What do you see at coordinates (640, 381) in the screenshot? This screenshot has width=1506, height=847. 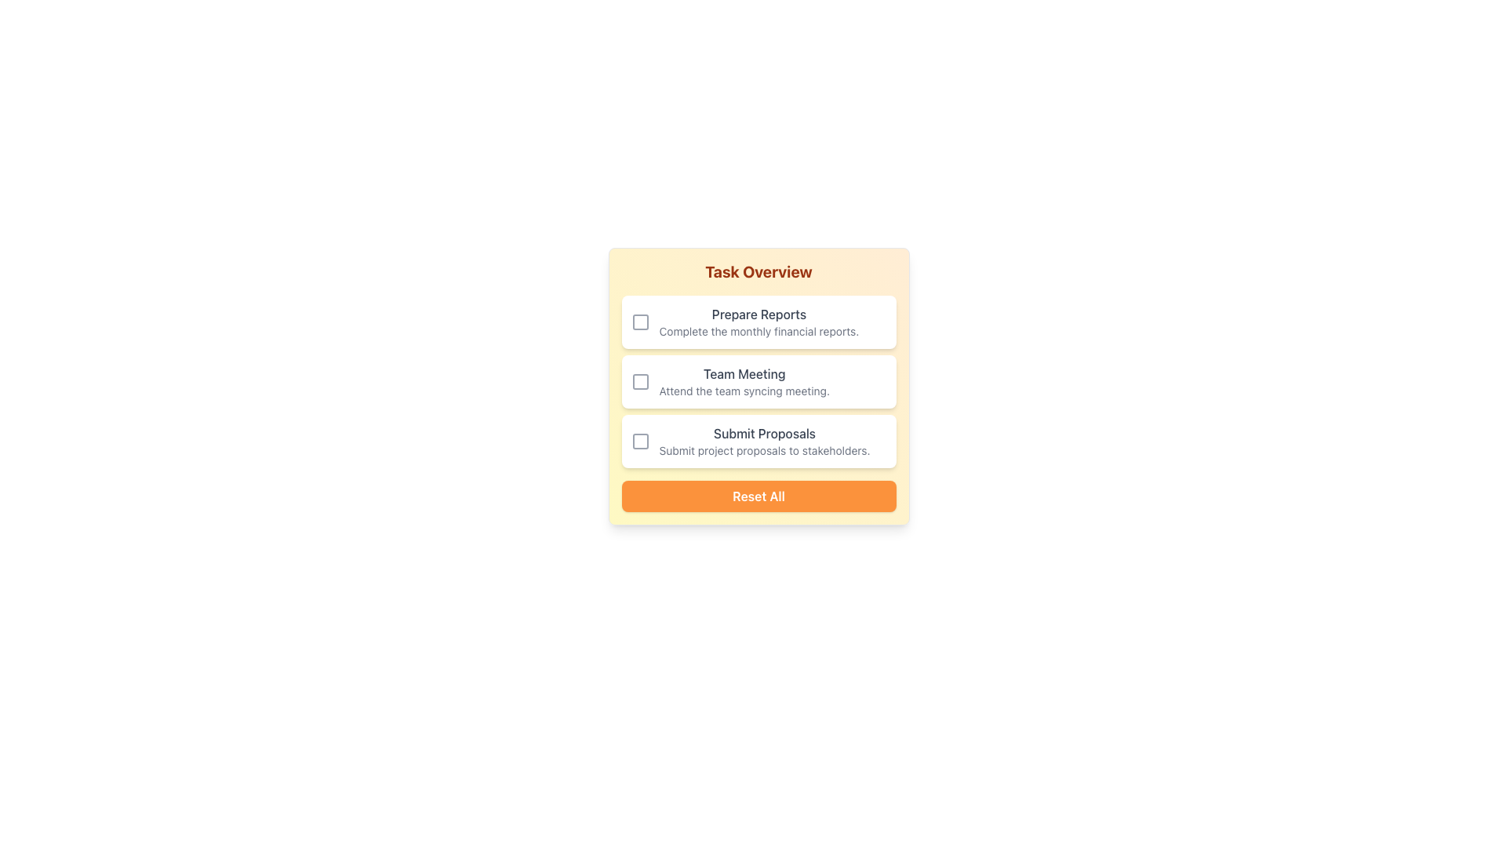 I see `the empty checkbox located to the left of the 'Team Meeting' text` at bounding box center [640, 381].